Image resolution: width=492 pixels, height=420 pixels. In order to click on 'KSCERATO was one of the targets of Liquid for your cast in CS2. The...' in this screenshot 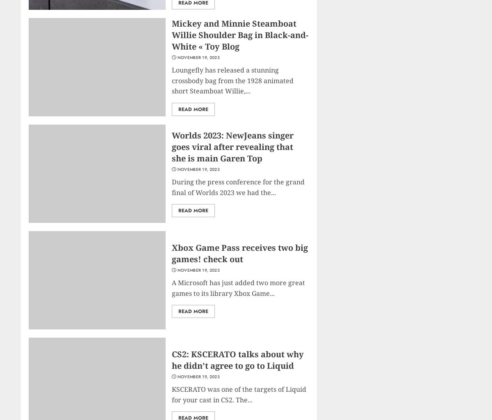, I will do `click(238, 394)`.